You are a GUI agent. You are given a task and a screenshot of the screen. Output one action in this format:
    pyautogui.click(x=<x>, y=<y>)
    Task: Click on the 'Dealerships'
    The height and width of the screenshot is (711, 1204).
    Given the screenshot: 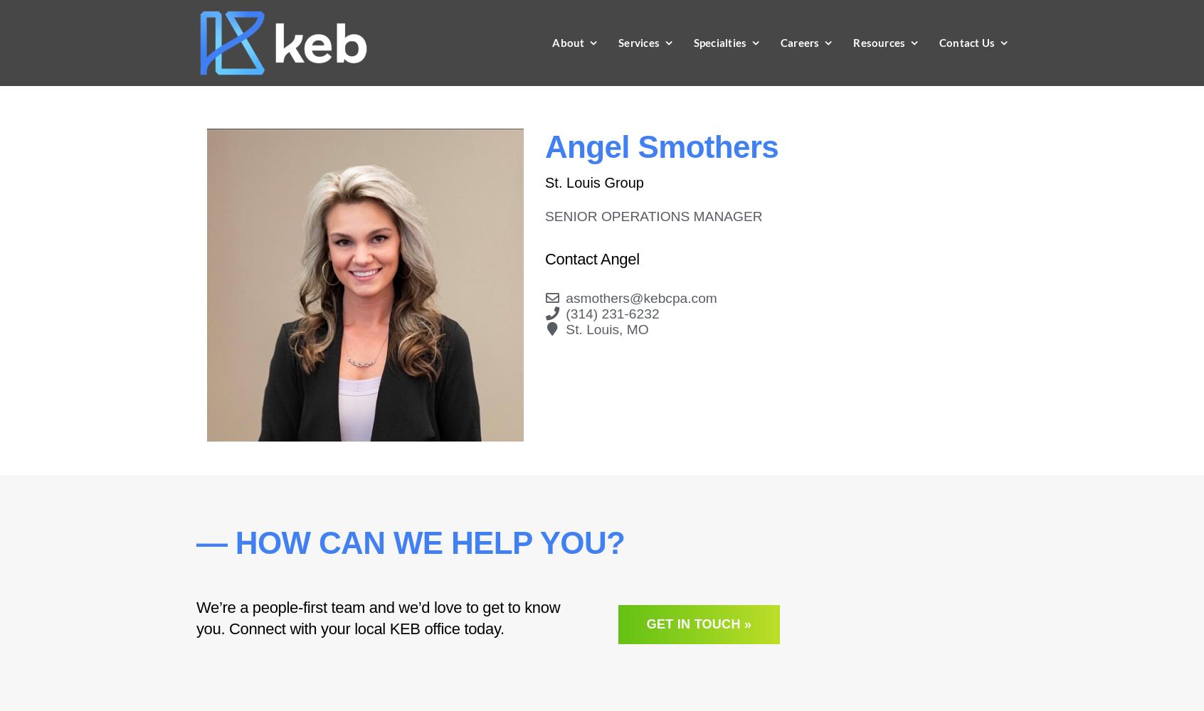 What is the action you would take?
    pyautogui.click(x=707, y=267)
    